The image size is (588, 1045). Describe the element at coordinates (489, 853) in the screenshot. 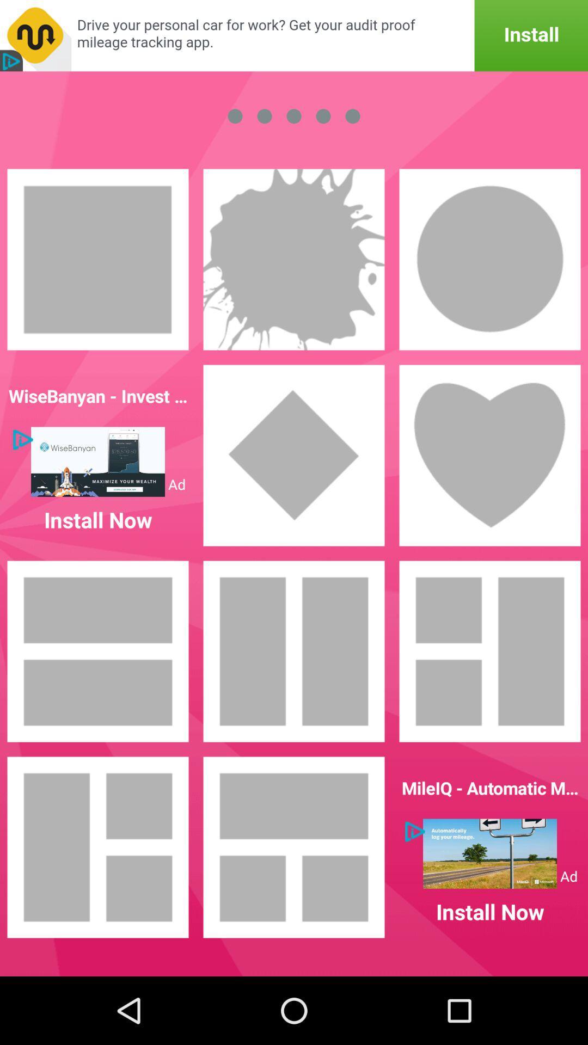

I see `advertisement` at that location.